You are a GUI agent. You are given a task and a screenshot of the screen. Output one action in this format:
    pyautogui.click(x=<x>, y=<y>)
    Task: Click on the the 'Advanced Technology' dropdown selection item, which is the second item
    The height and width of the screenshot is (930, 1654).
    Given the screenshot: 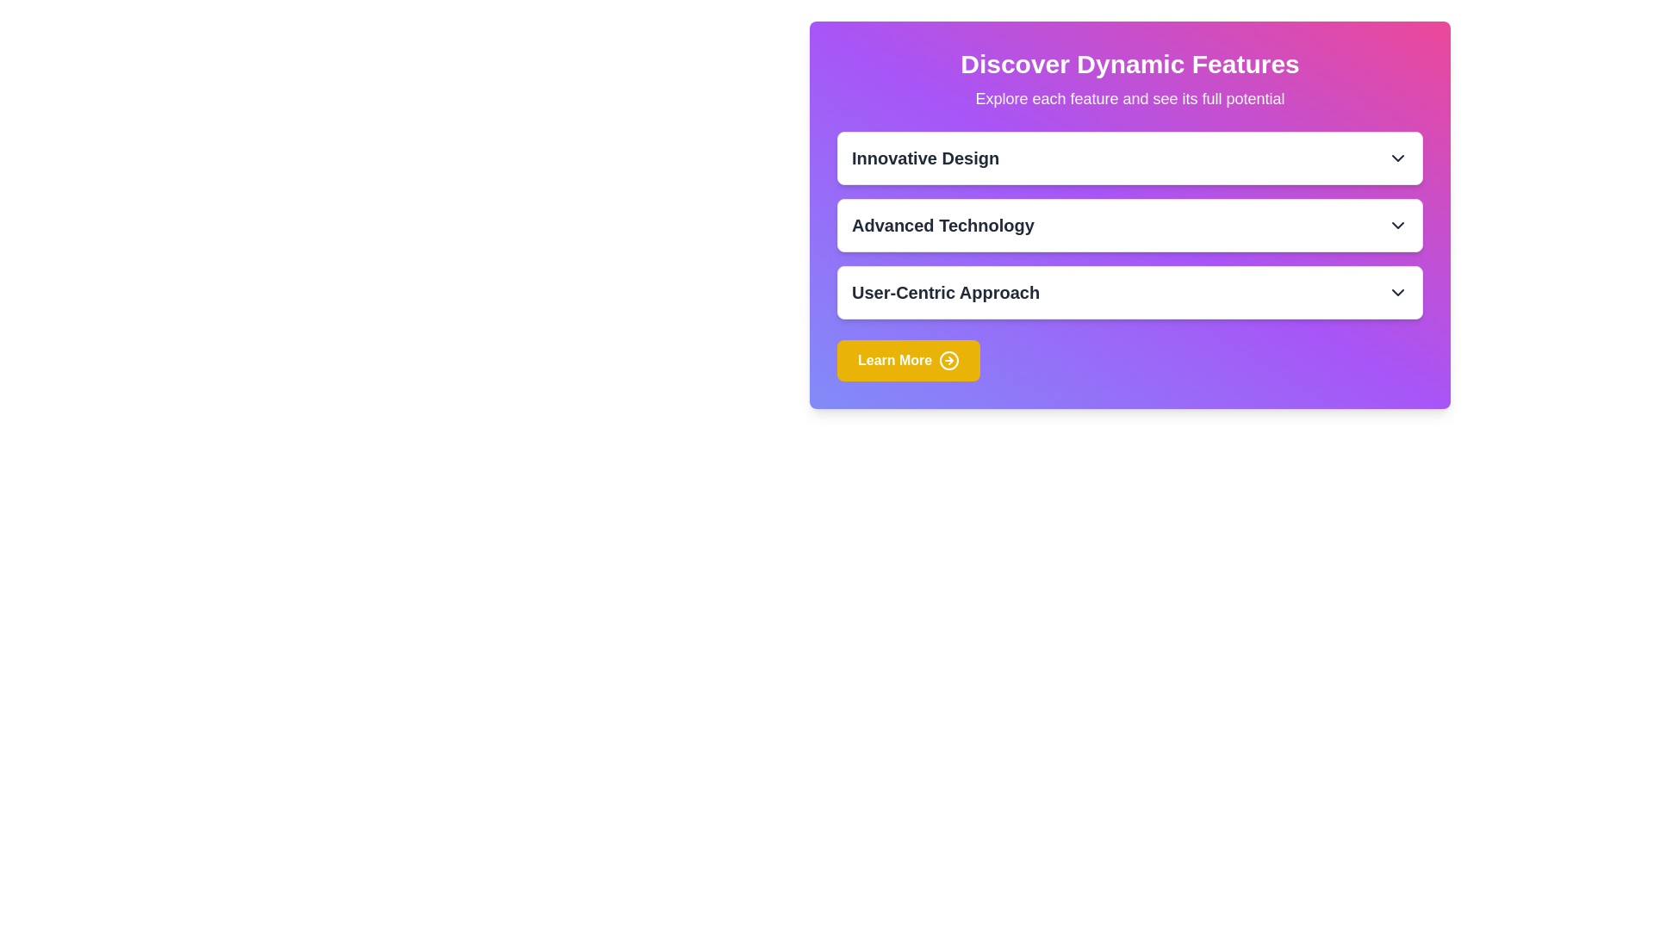 What is the action you would take?
    pyautogui.click(x=1129, y=225)
    